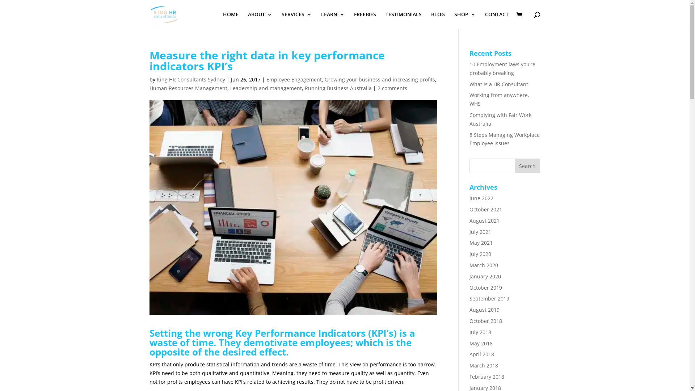 This screenshot has height=391, width=695. Describe the element at coordinates (365, 20) in the screenshot. I see `'FREEBIES'` at that location.